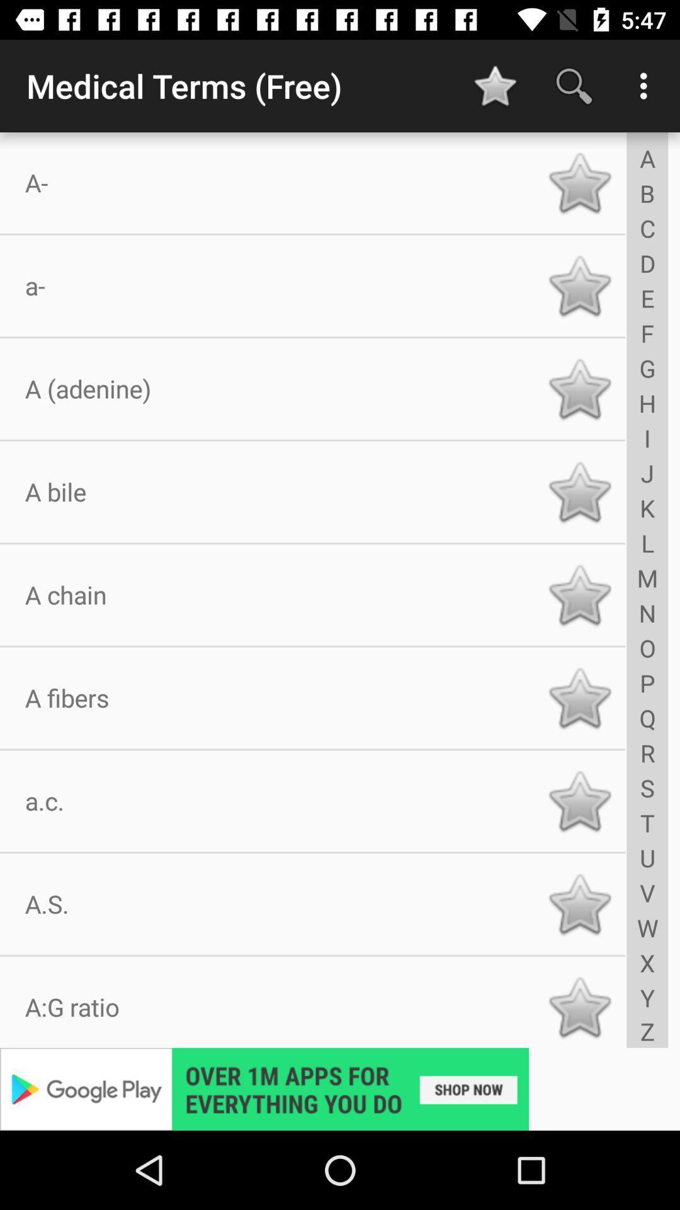 This screenshot has width=680, height=1210. What do you see at coordinates (579, 285) in the screenshot?
I see `icon button` at bounding box center [579, 285].